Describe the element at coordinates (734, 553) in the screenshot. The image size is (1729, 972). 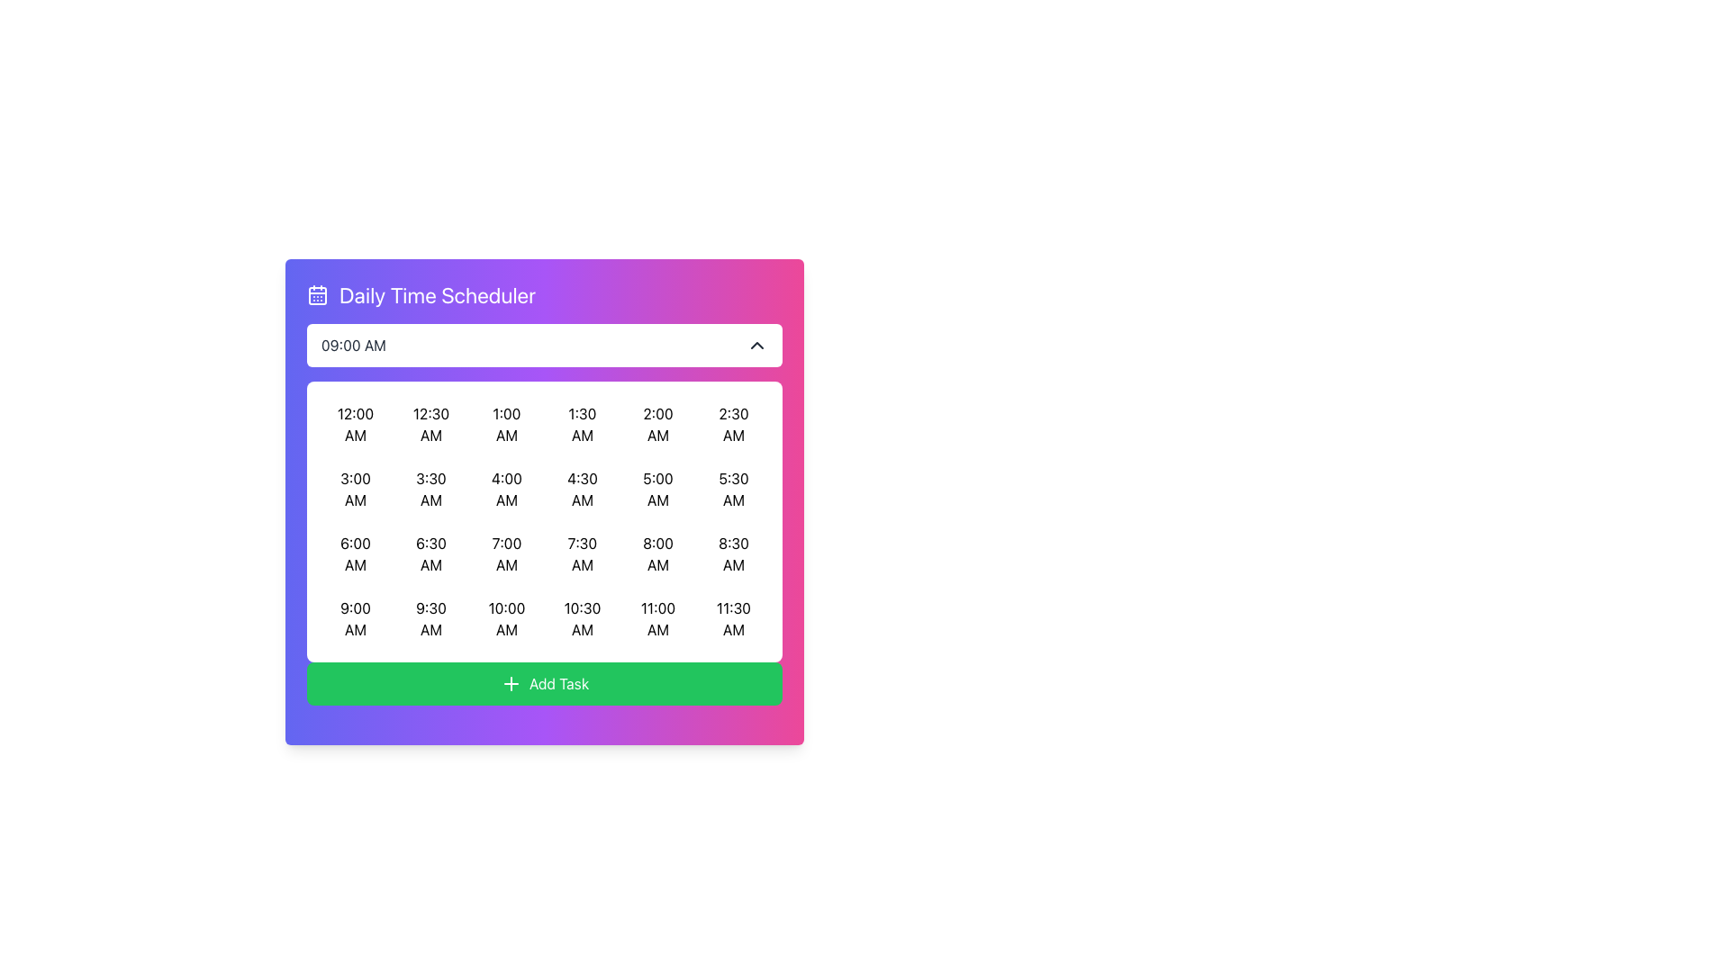
I see `the selectable time slot button for '8:30 AM'` at that location.